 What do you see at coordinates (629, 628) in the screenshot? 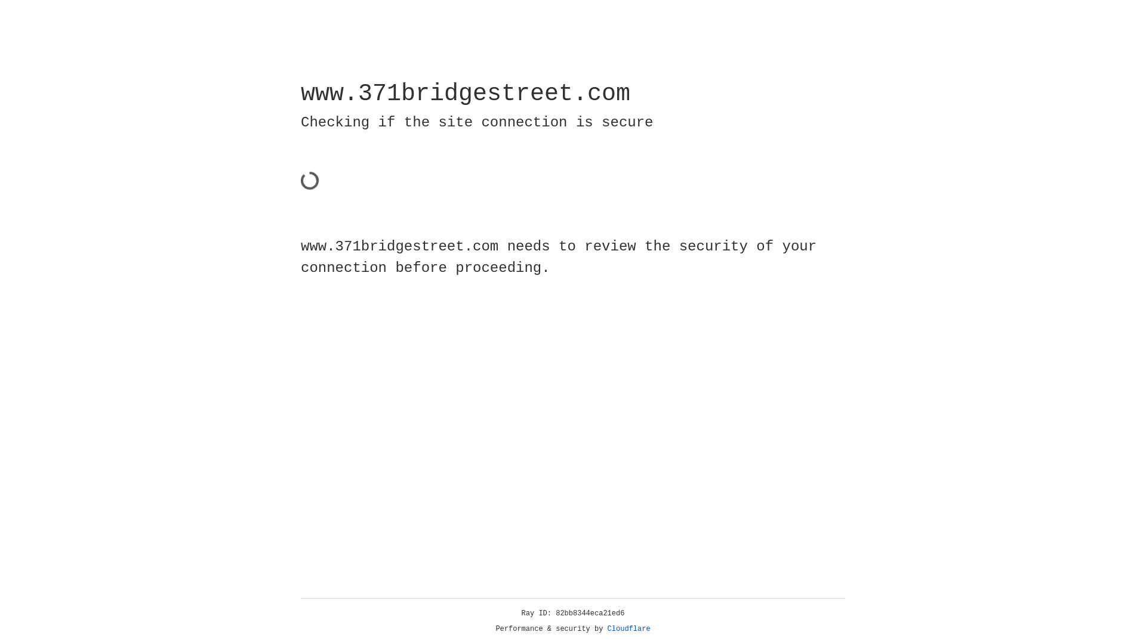
I see `'Cloudflare'` at bounding box center [629, 628].